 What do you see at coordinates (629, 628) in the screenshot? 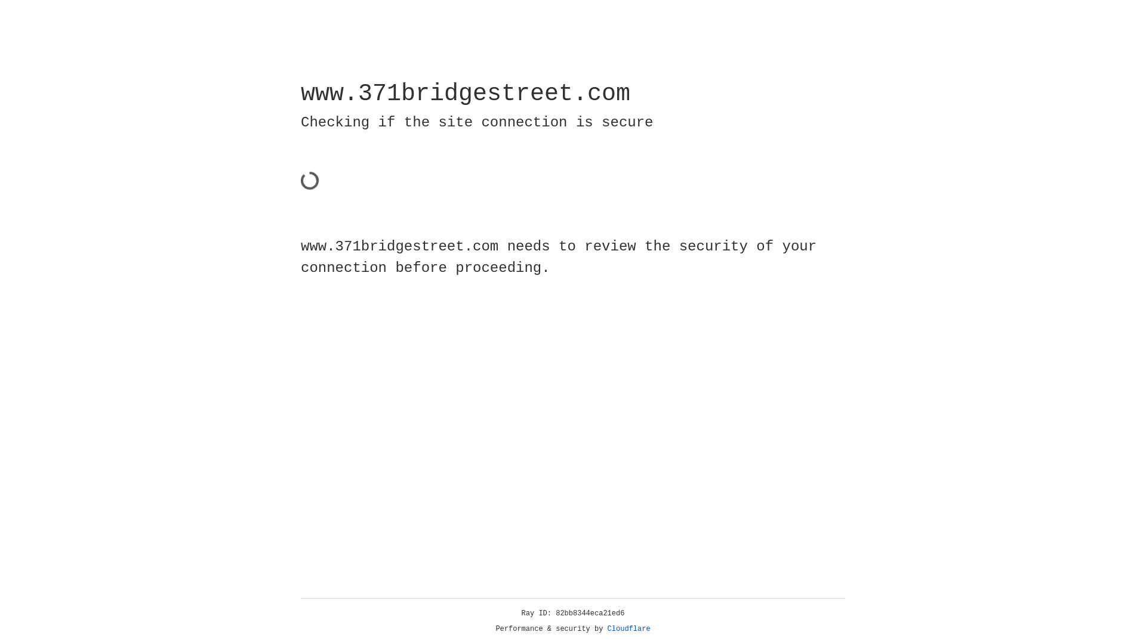
I see `'Cloudflare'` at bounding box center [629, 628].